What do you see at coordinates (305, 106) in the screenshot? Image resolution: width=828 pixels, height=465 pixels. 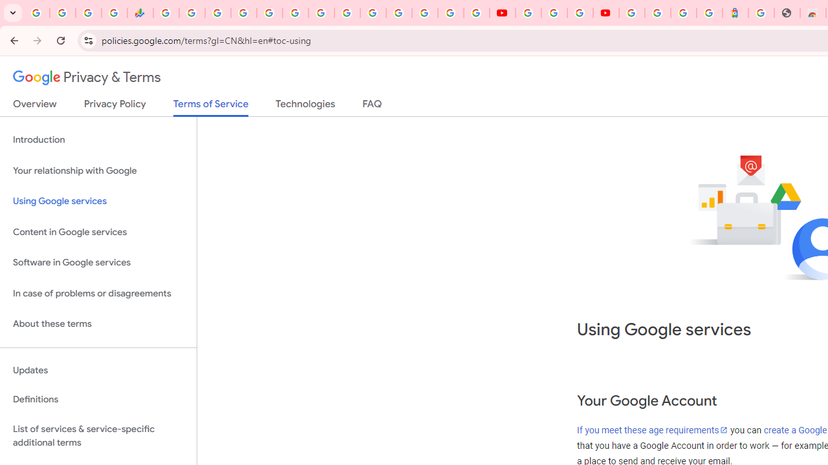 I see `'Technologies'` at bounding box center [305, 106].